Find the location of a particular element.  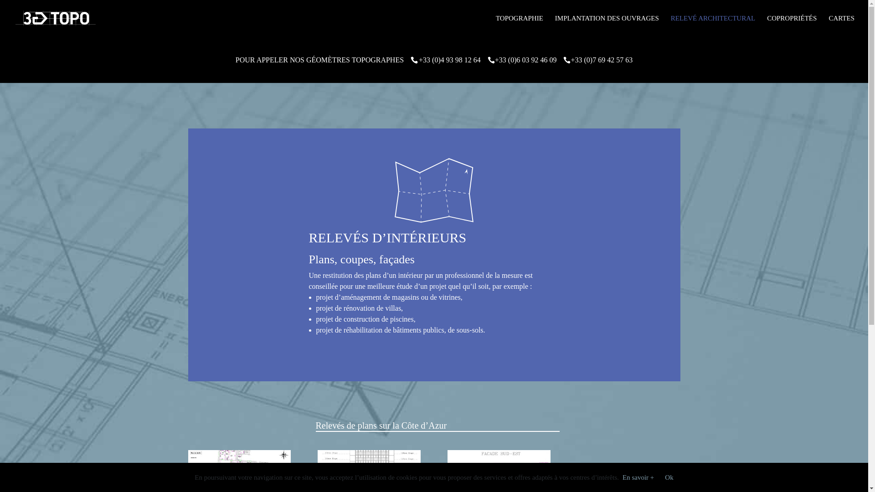

'CARTES' is located at coordinates (841, 25).